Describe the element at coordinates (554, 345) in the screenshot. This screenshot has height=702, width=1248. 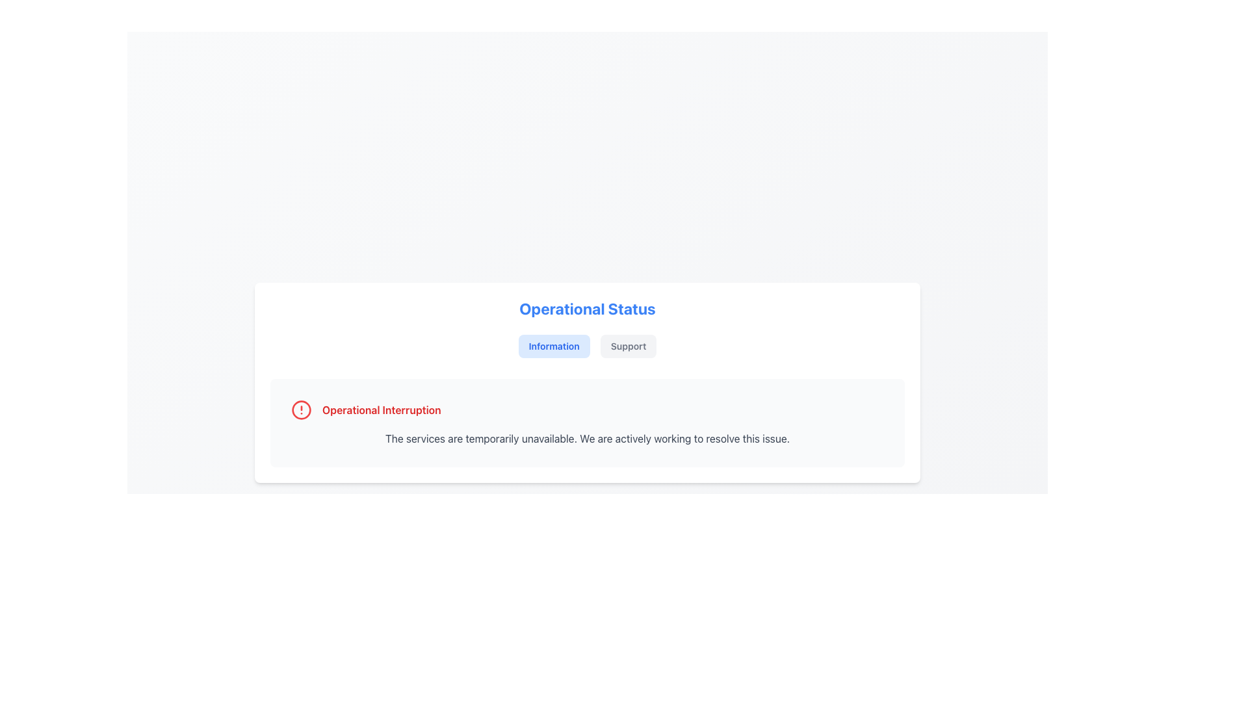
I see `the 'Information' button, which is a rectangular button with rounded corners, light blue background, and blue text, located under the 'Operational Status' heading` at that location.